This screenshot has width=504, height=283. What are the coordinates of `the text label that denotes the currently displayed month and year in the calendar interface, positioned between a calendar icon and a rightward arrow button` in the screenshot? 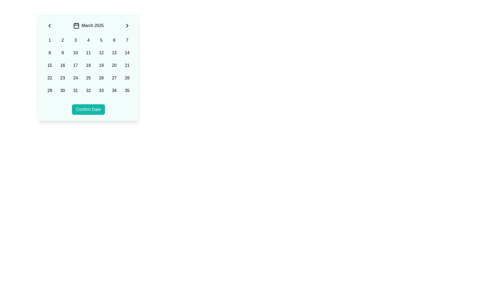 It's located at (93, 25).